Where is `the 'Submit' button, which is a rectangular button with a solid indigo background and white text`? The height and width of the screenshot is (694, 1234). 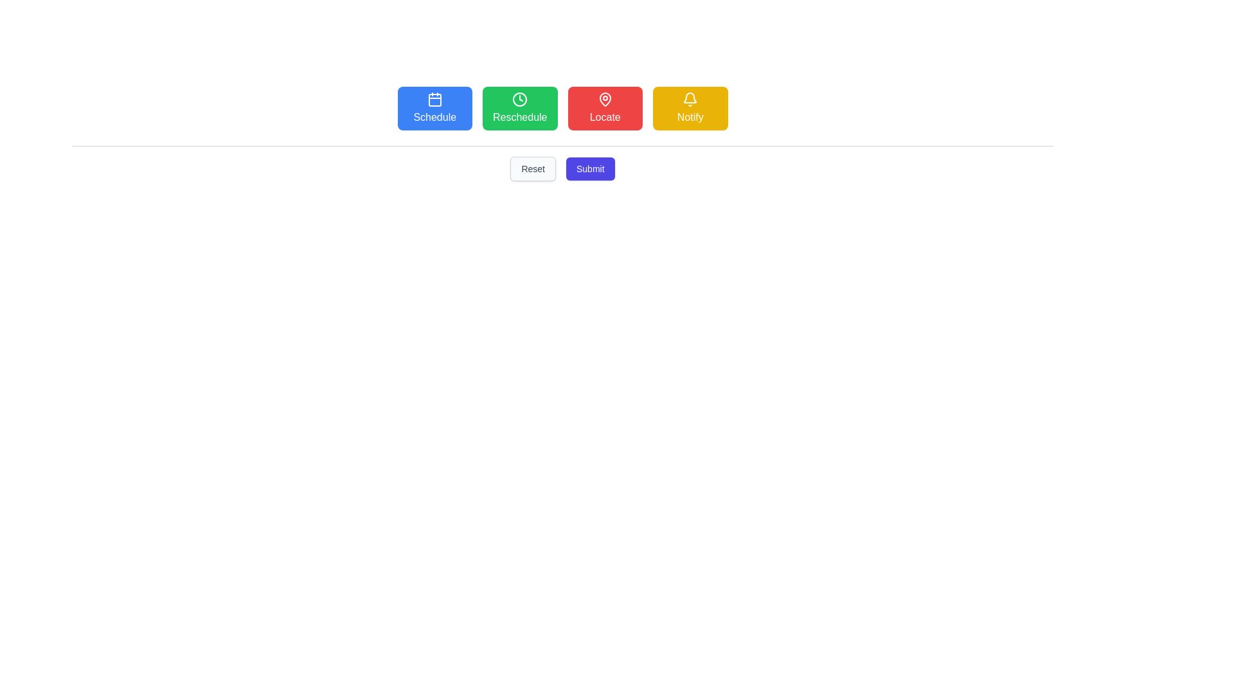
the 'Submit' button, which is a rectangular button with a solid indigo background and white text is located at coordinates (589, 168).